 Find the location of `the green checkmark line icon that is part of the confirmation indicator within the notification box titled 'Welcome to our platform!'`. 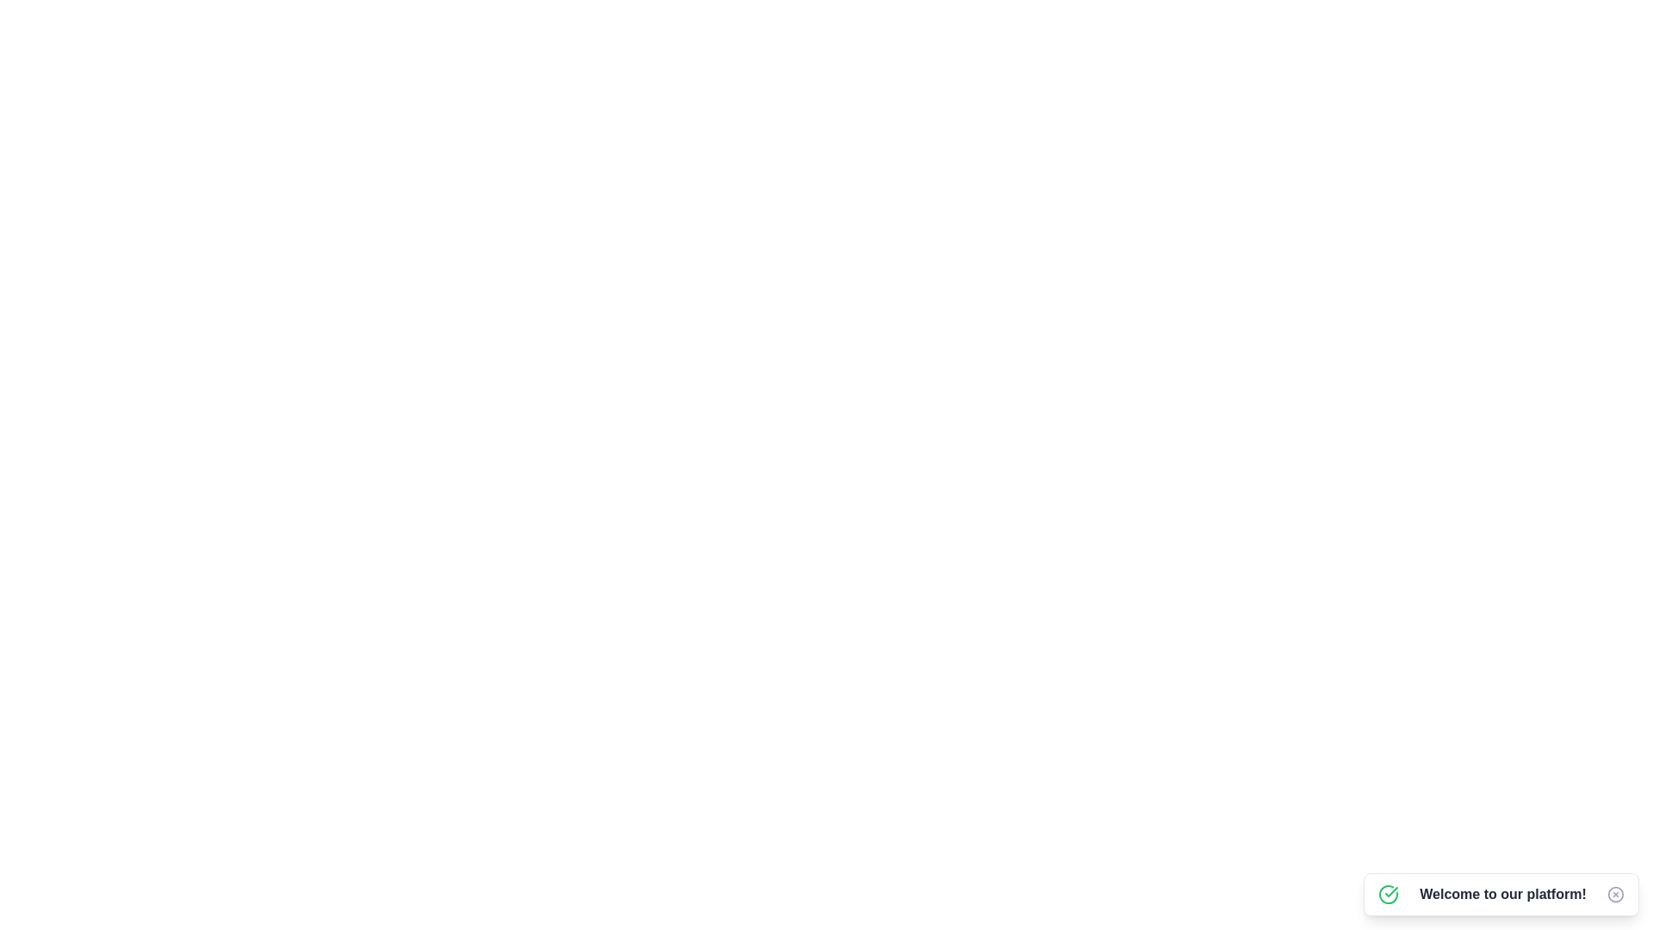

the green checkmark line icon that is part of the confirmation indicator within the notification box titled 'Welcome to our platform!' is located at coordinates (1391, 891).